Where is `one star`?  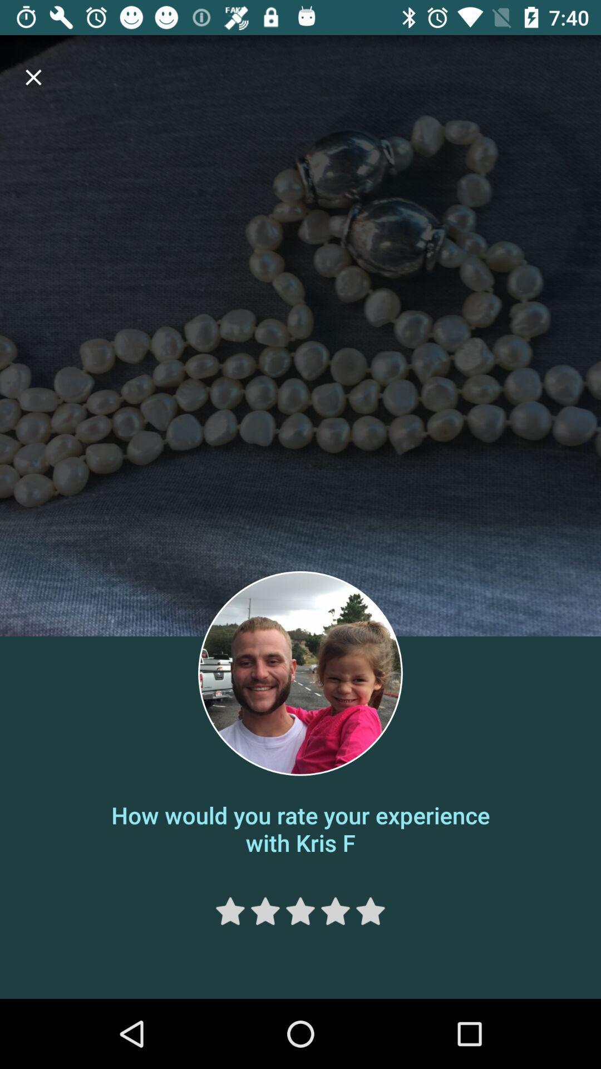
one star is located at coordinates (229, 911).